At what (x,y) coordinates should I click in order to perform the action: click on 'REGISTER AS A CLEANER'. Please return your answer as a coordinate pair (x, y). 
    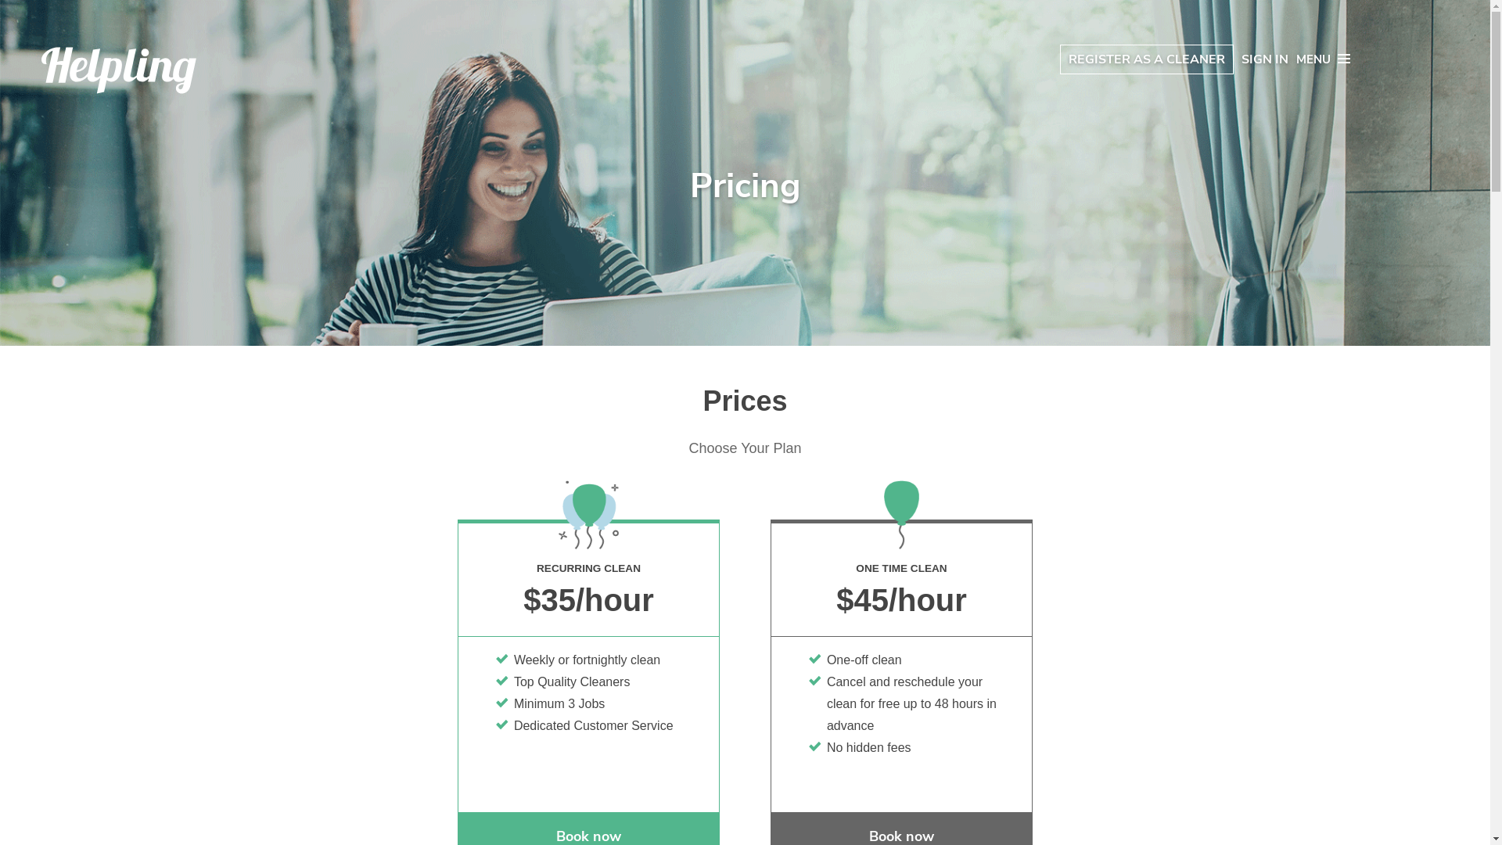
    Looking at the image, I should click on (1146, 59).